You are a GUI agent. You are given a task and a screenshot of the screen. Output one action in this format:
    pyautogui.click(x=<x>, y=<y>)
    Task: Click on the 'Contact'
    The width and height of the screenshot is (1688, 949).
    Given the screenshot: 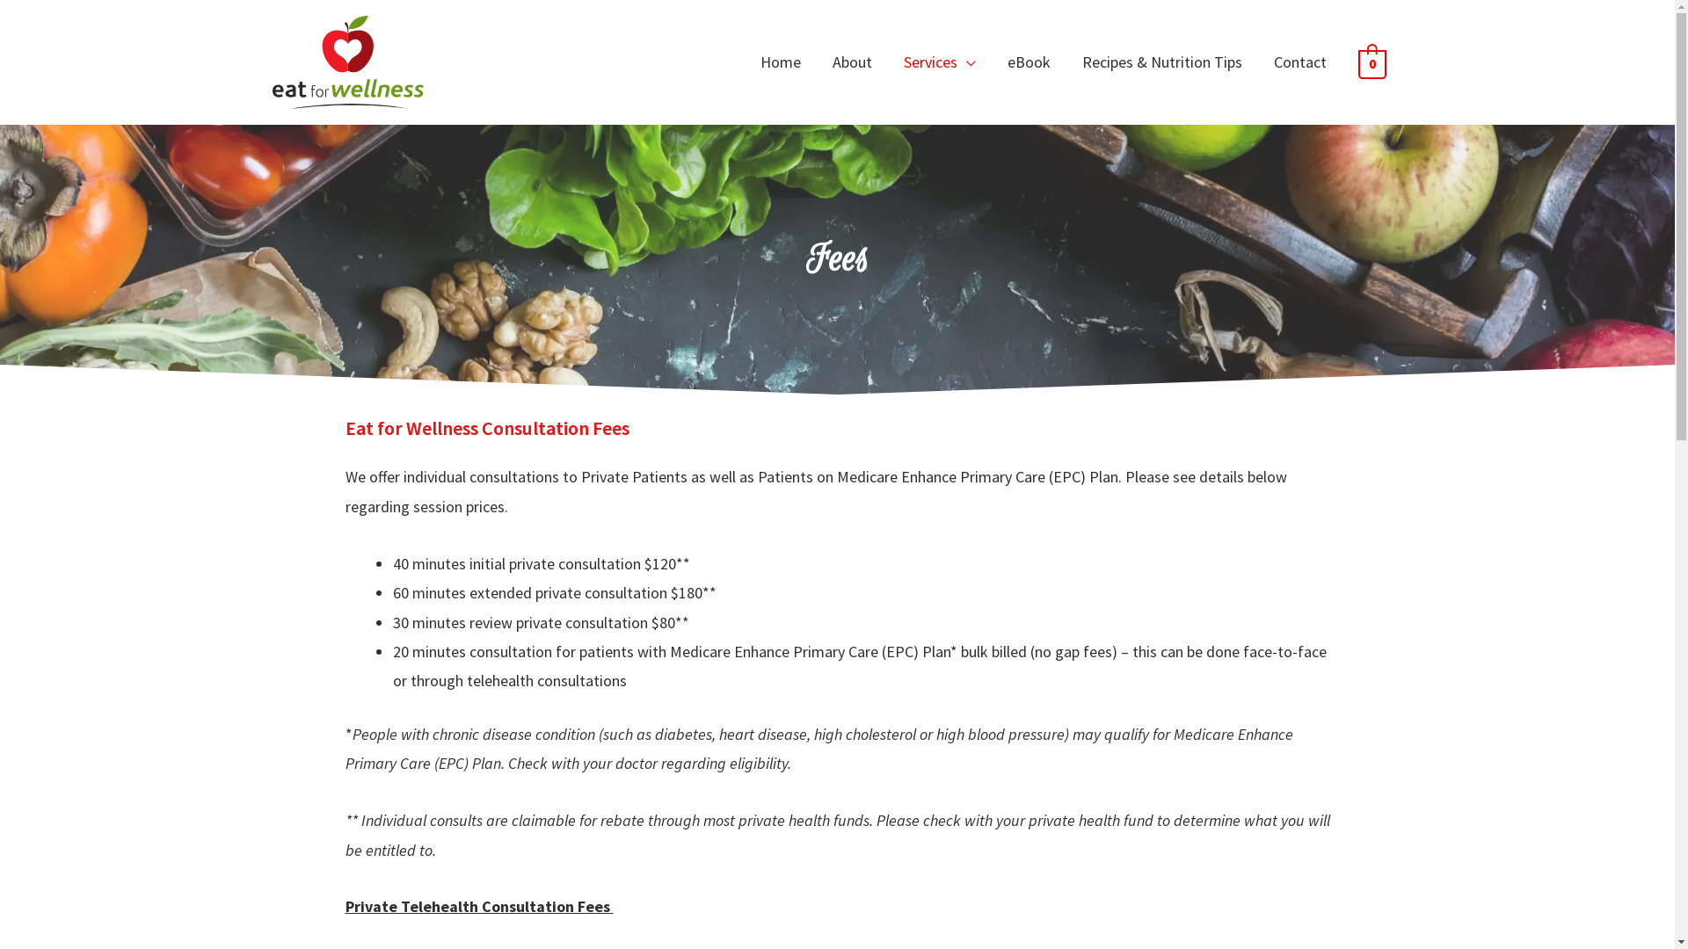 What is the action you would take?
    pyautogui.click(x=1256, y=61)
    